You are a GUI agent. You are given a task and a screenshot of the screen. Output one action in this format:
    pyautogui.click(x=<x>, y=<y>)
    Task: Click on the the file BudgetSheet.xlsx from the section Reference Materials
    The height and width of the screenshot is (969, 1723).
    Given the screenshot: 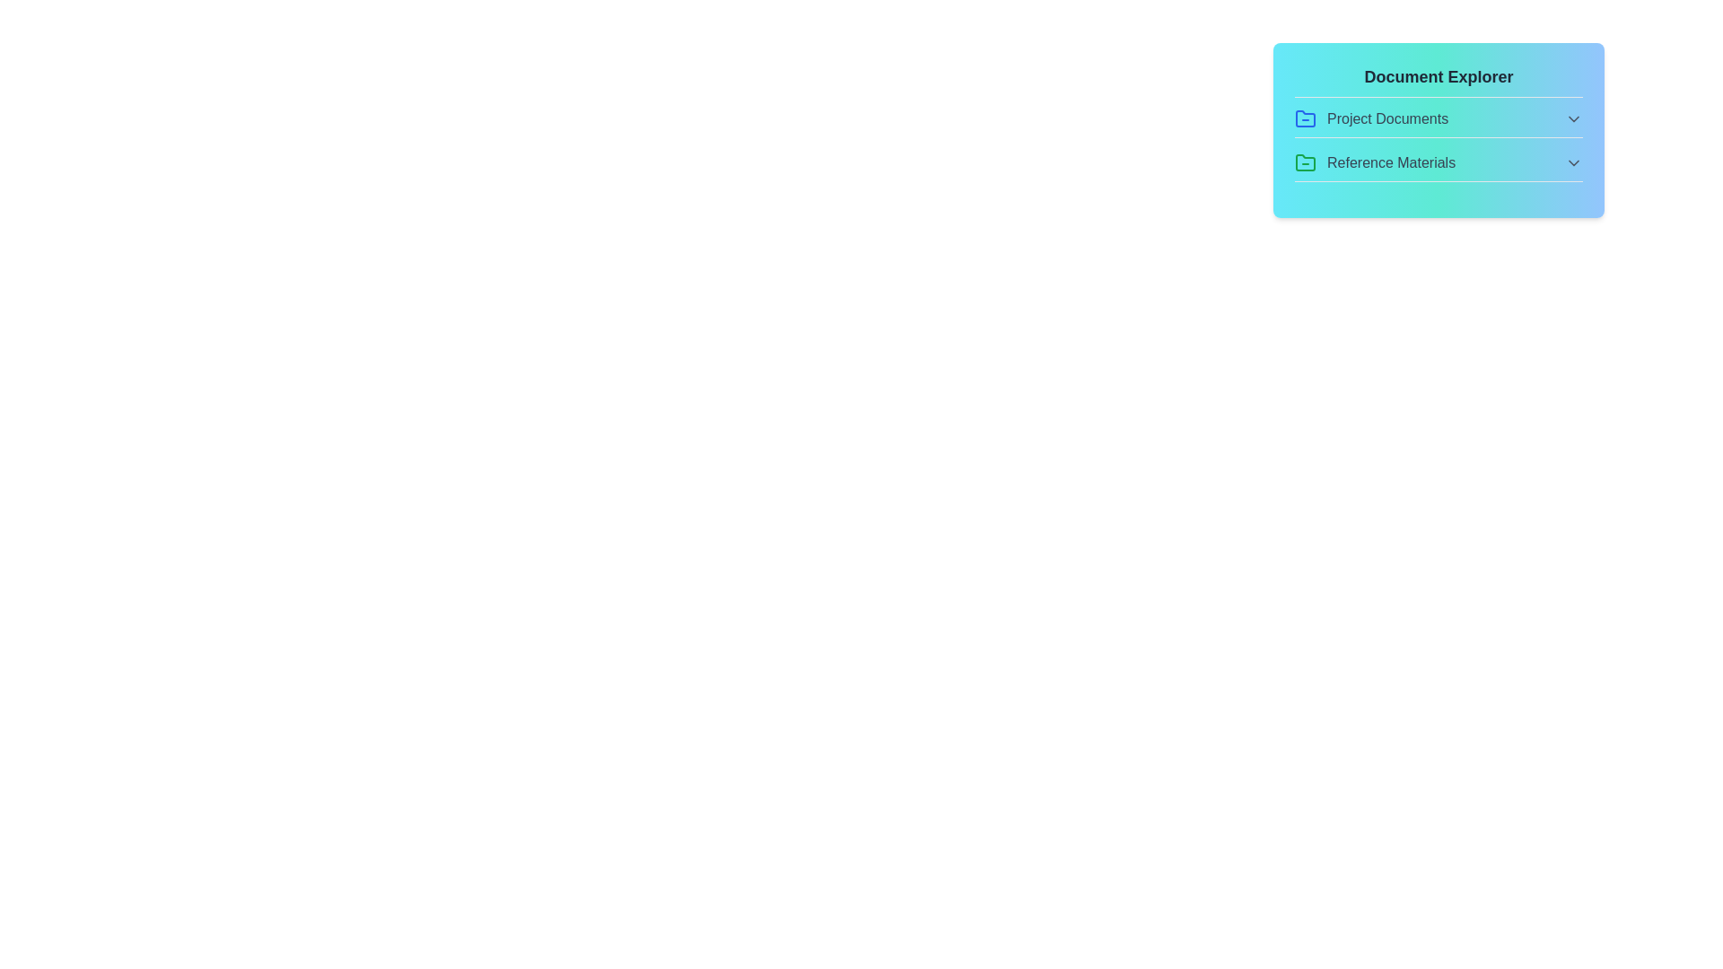 What is the action you would take?
    pyautogui.click(x=1439, y=167)
    